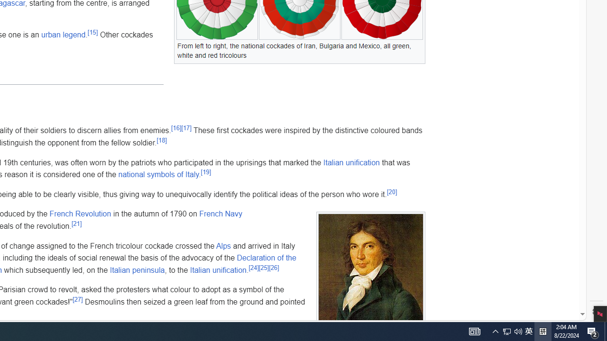  Describe the element at coordinates (205, 171) in the screenshot. I see `'[19]'` at that location.